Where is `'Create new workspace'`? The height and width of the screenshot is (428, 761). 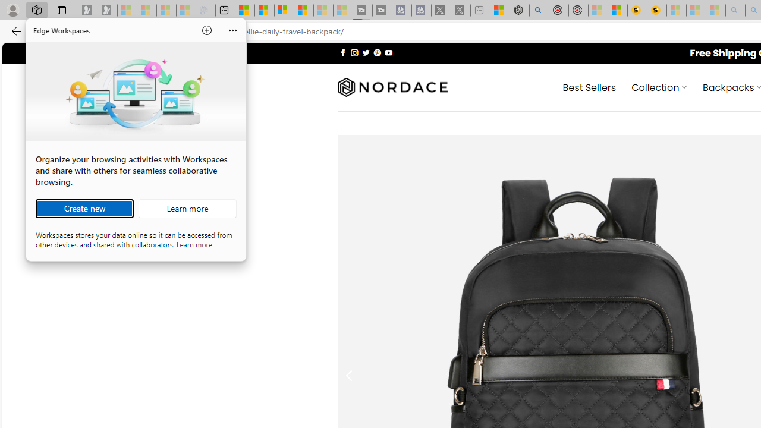
'Create new workspace' is located at coordinates (84, 208).